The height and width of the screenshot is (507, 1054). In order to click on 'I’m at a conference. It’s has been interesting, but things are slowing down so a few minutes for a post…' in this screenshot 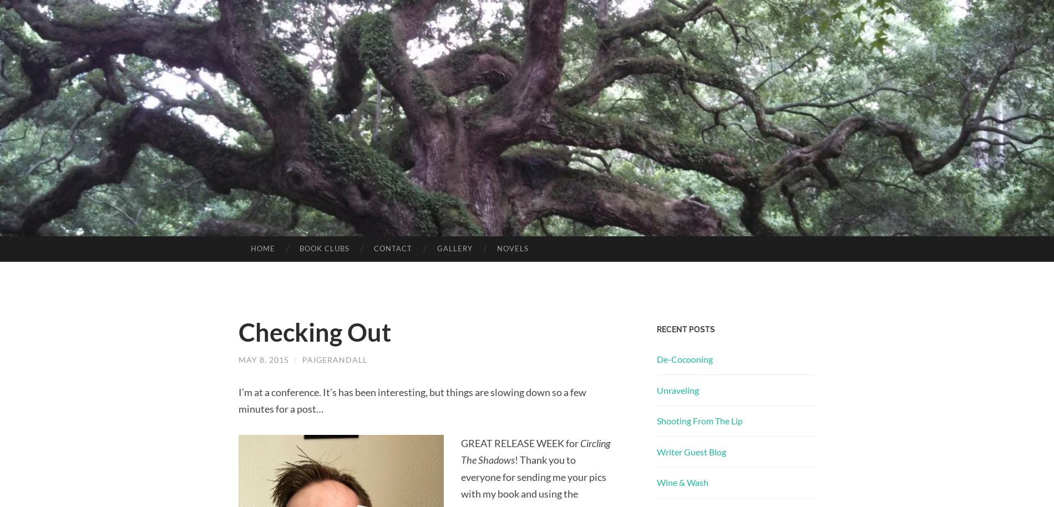, I will do `click(412, 399)`.